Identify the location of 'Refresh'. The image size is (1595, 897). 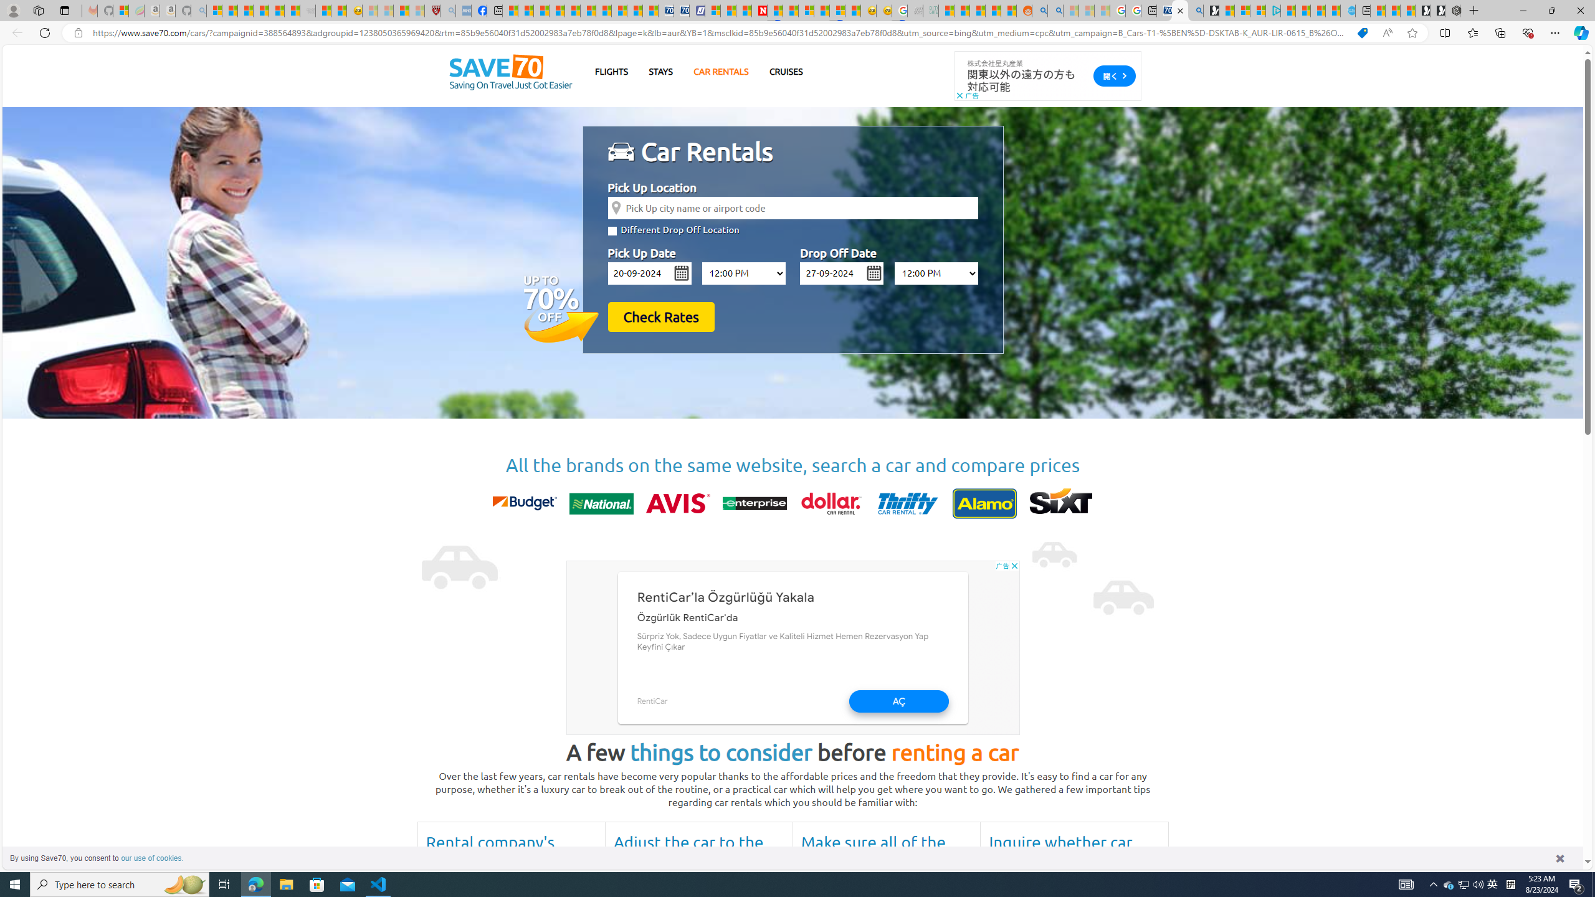
(44, 32).